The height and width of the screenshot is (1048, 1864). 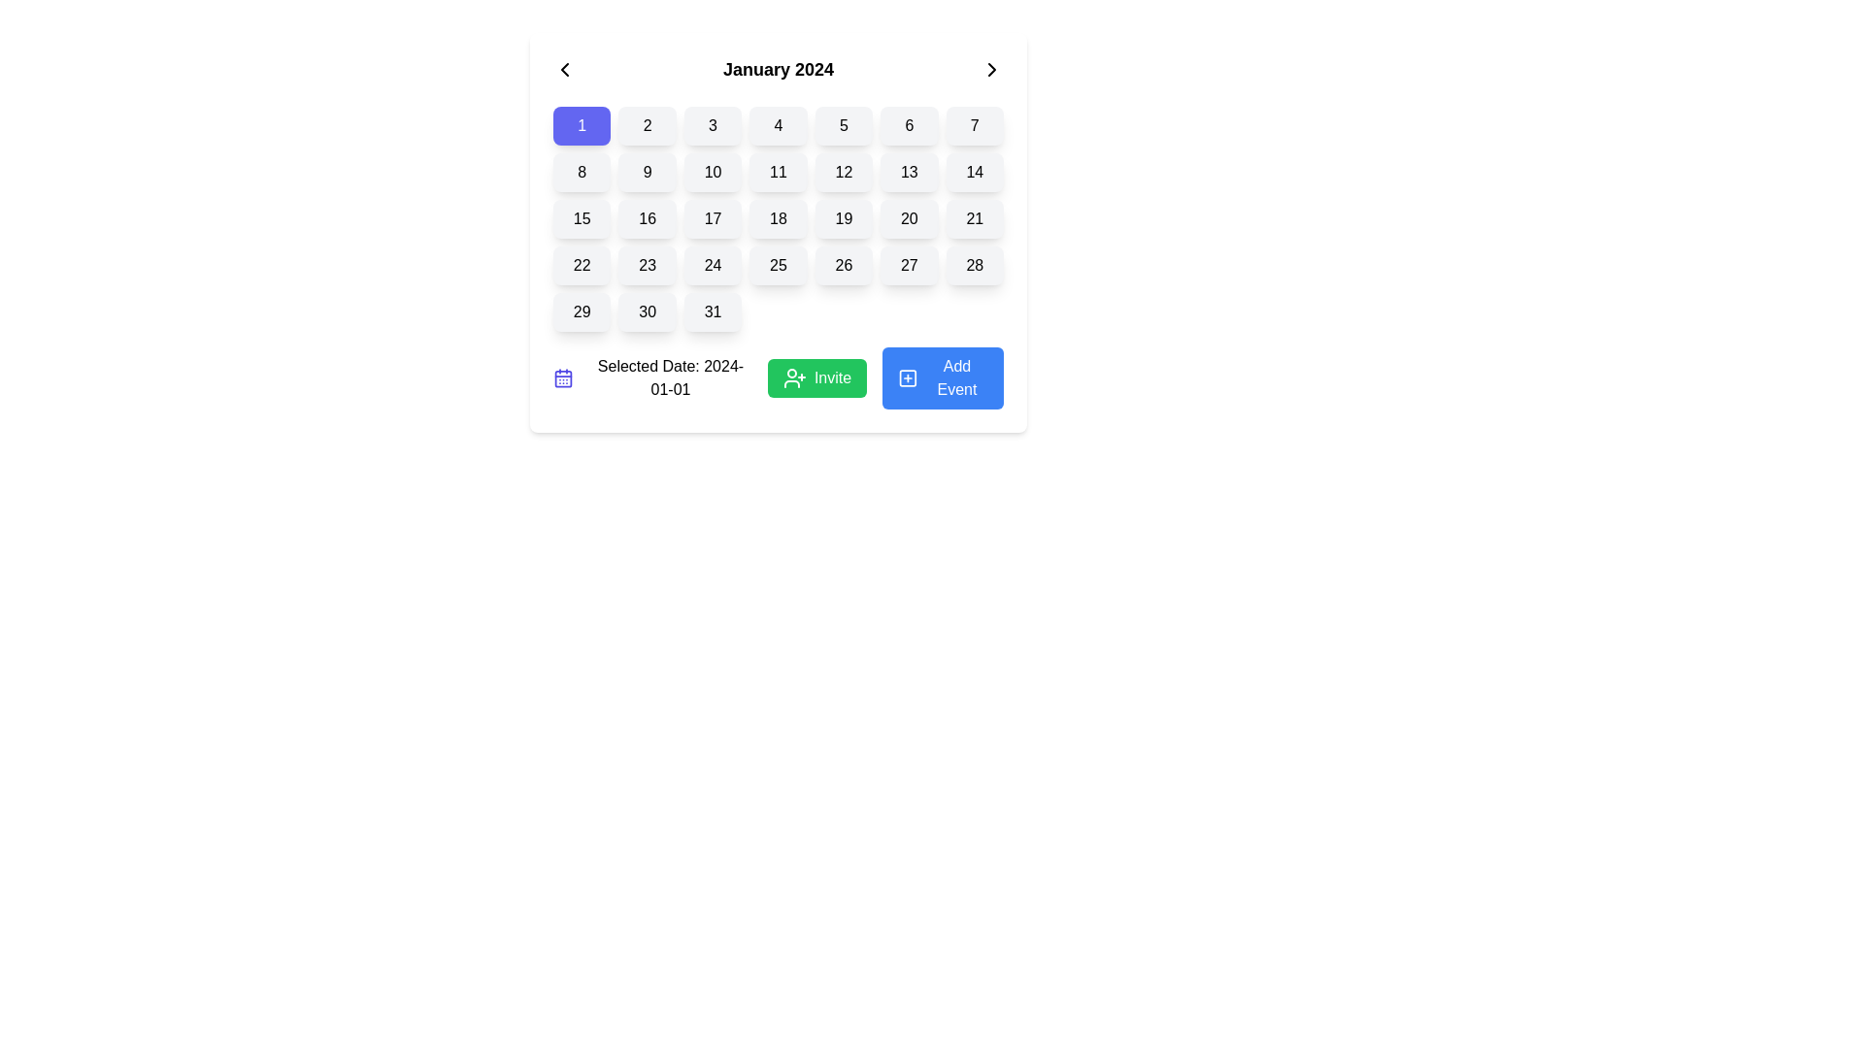 What do you see at coordinates (648, 311) in the screenshot?
I see `the button-like clickable calendar date displaying the number '30', located in the last row and second column of the monthly calendar grid` at bounding box center [648, 311].